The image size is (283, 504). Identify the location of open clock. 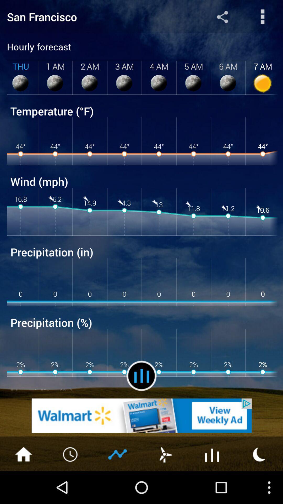
(71, 454).